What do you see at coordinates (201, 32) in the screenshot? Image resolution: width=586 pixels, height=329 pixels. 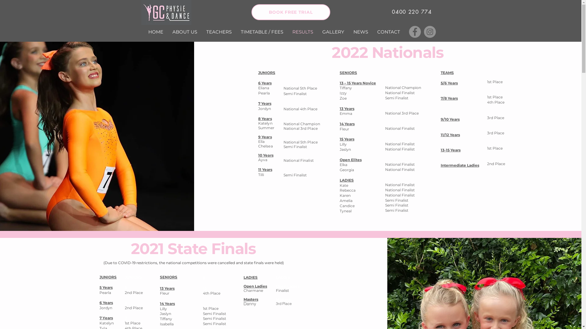 I see `'TEACHERS'` at bounding box center [201, 32].